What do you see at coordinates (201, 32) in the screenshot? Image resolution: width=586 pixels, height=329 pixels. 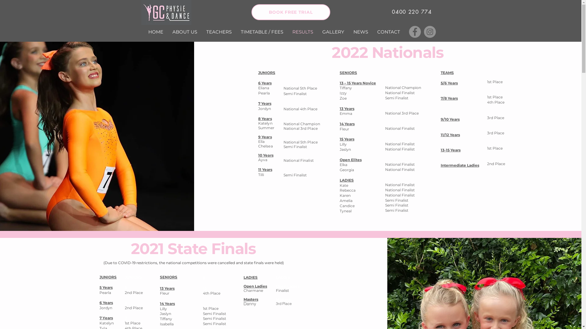 I see `'TEACHERS'` at bounding box center [201, 32].